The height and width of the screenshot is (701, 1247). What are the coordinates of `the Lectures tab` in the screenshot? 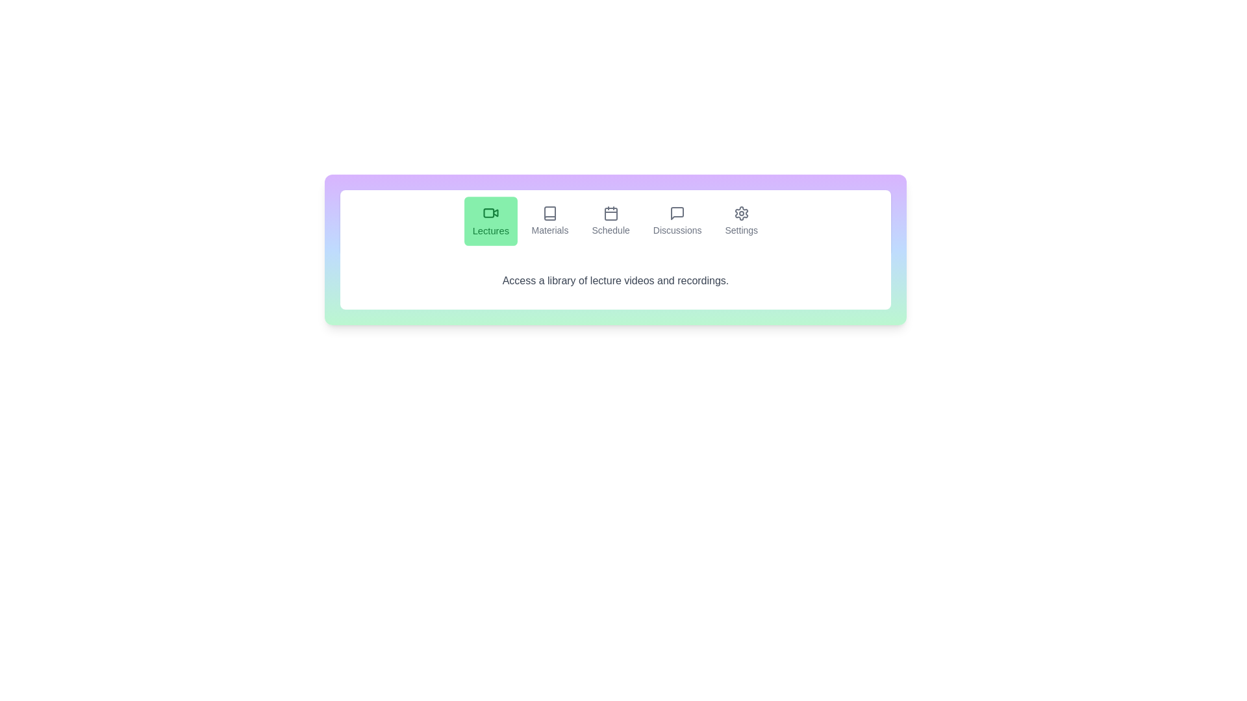 It's located at (490, 220).